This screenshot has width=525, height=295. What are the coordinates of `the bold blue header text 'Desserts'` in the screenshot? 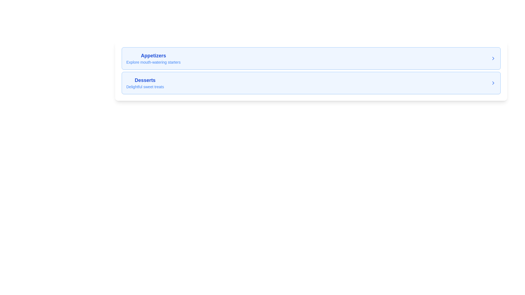 It's located at (145, 80).